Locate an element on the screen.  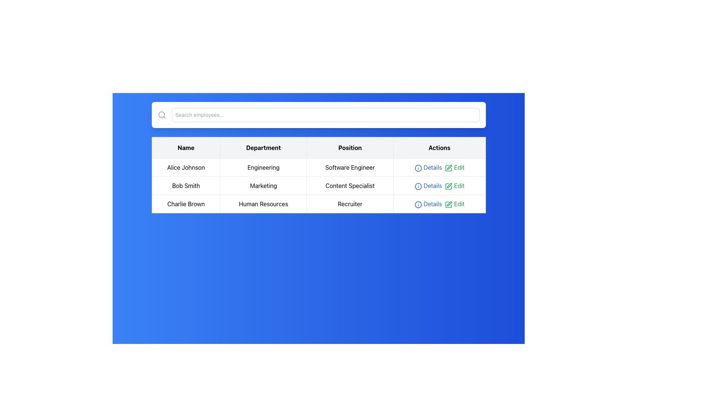
the button located to the right of the 'Details' link in the 'Actions' column for the entry 'Bob Smith' is located at coordinates (449, 185).